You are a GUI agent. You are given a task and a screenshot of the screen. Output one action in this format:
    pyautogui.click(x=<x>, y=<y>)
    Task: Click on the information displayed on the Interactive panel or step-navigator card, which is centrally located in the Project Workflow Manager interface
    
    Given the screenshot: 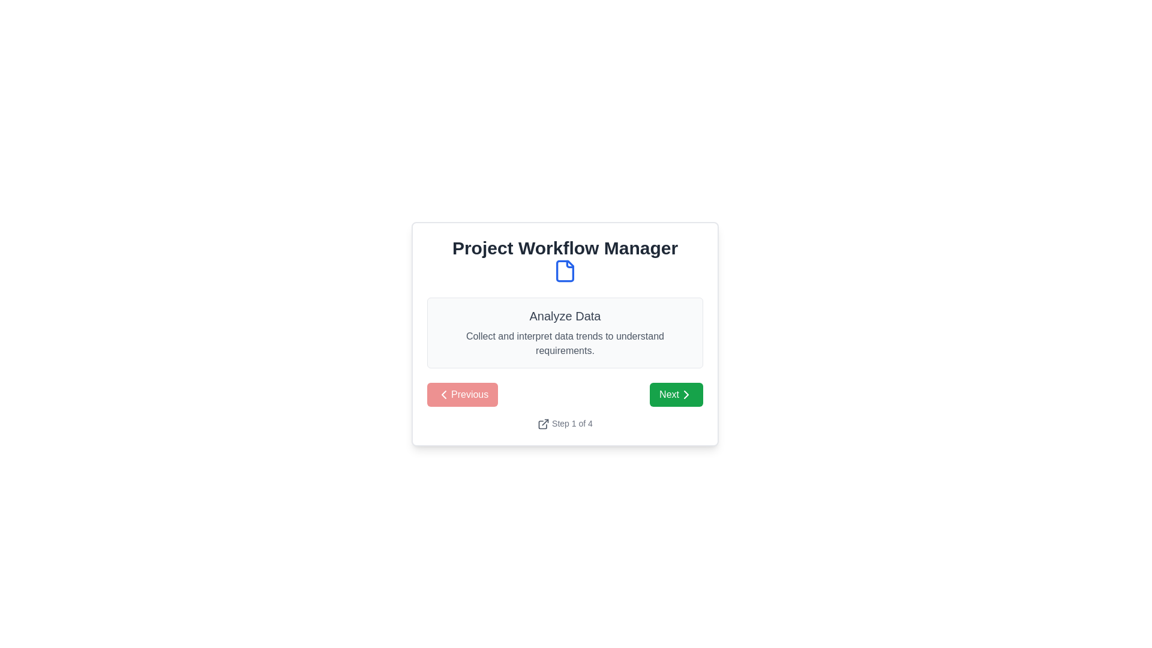 What is the action you would take?
    pyautogui.click(x=564, y=334)
    